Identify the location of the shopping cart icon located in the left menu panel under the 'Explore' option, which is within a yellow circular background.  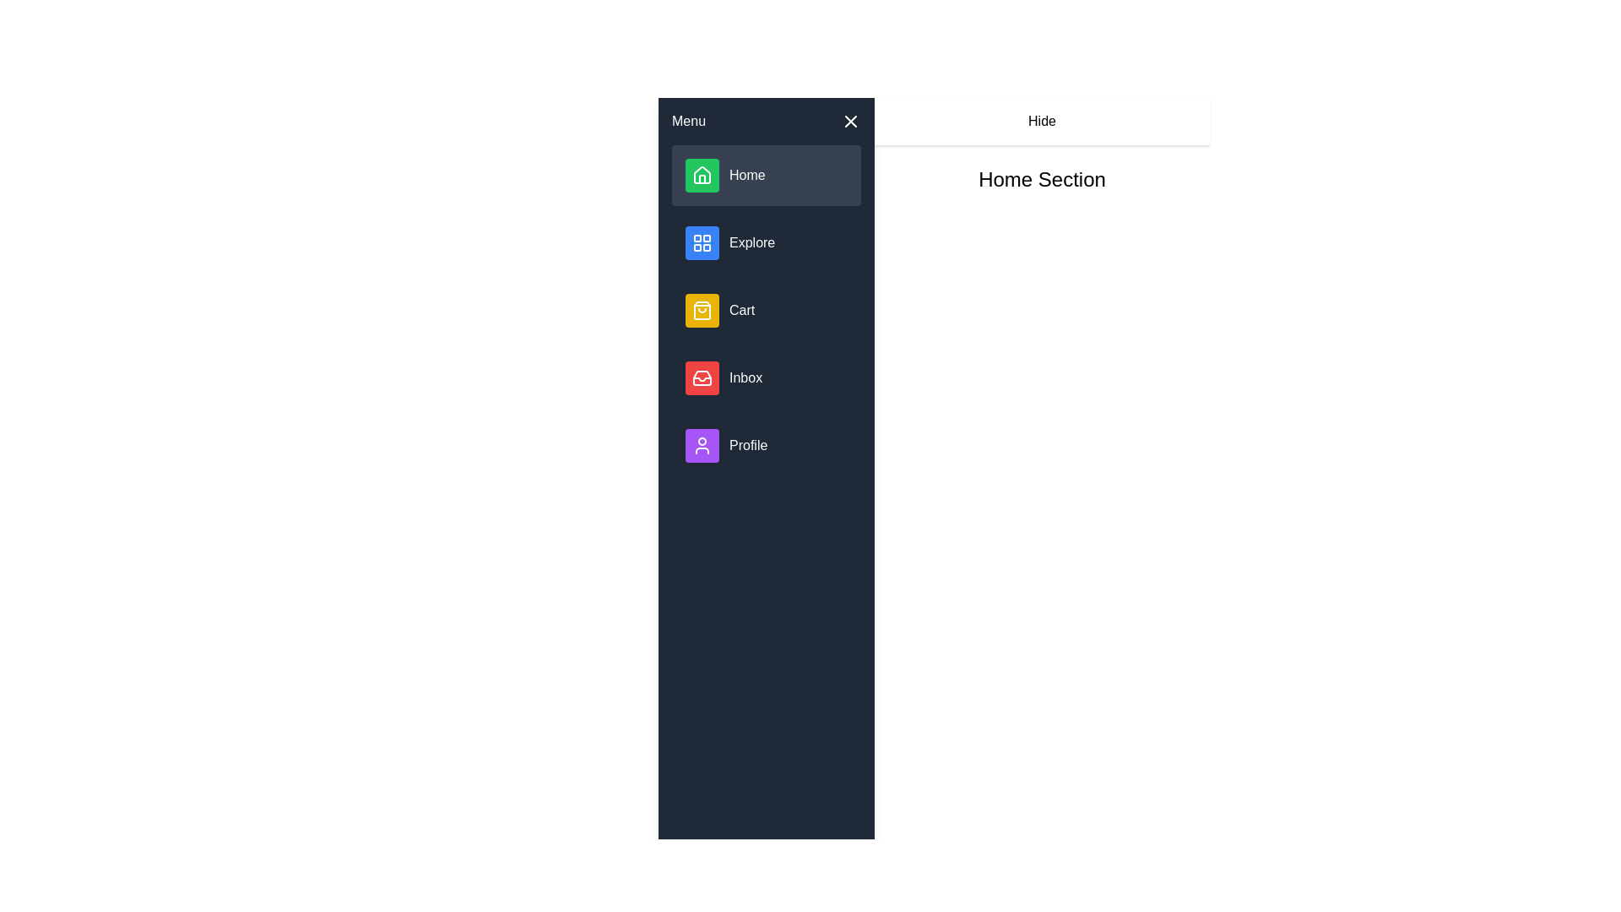
(702, 310).